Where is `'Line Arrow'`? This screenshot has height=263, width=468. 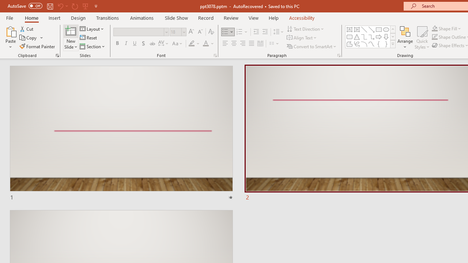
'Line Arrow' is located at coordinates (371, 29).